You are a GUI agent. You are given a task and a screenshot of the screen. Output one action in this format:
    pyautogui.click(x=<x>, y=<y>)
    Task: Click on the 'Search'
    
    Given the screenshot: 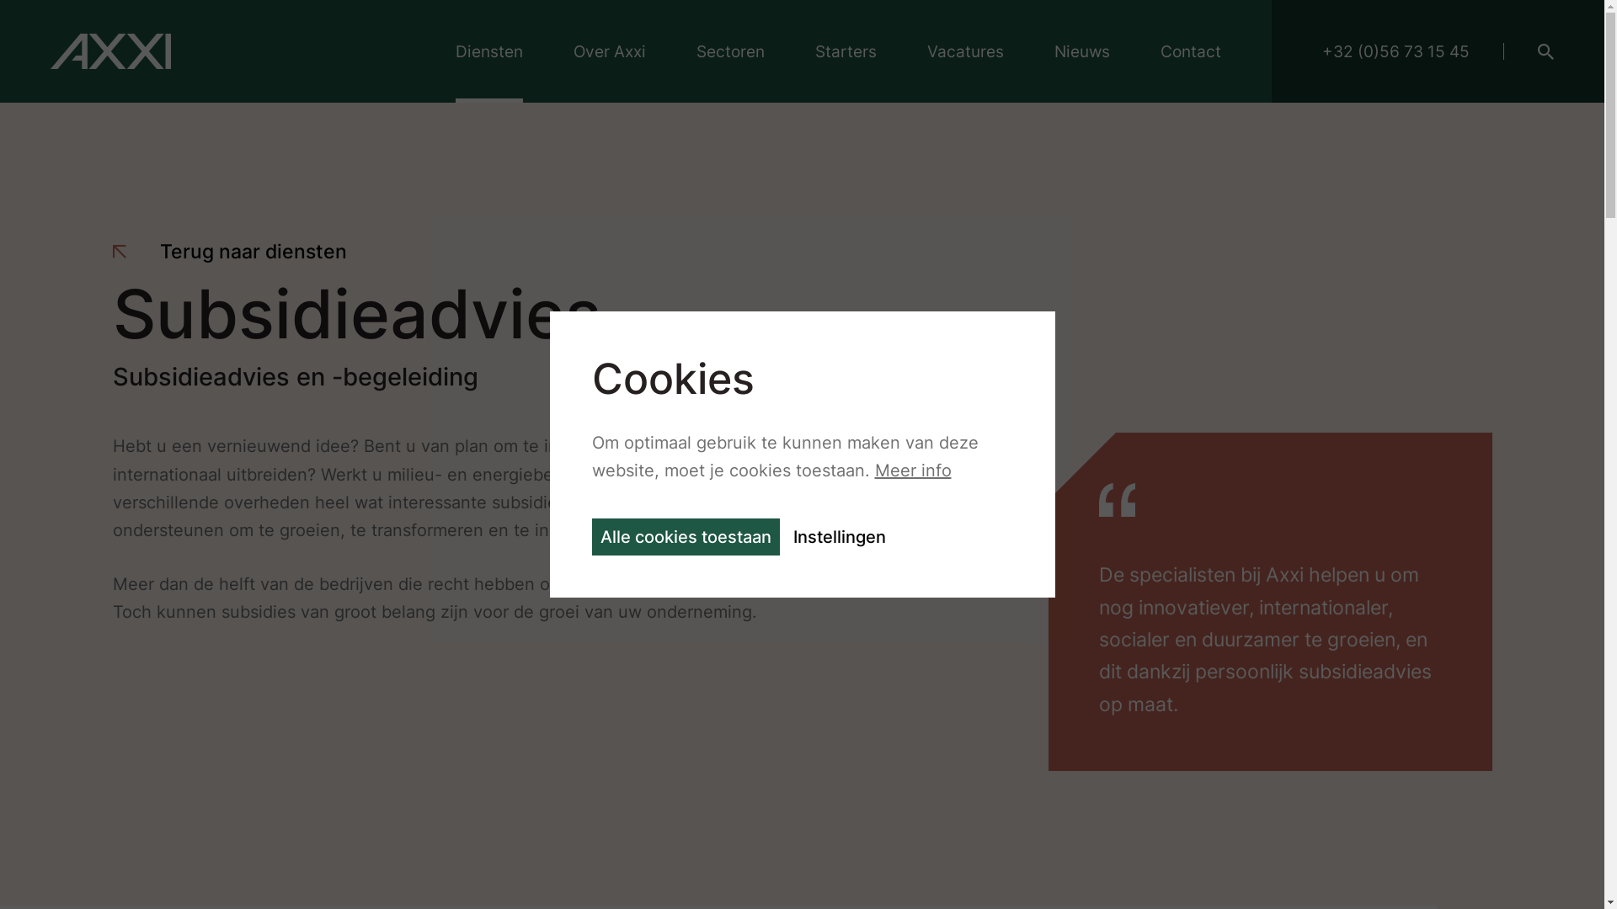 What is the action you would take?
    pyautogui.click(x=1537, y=50)
    